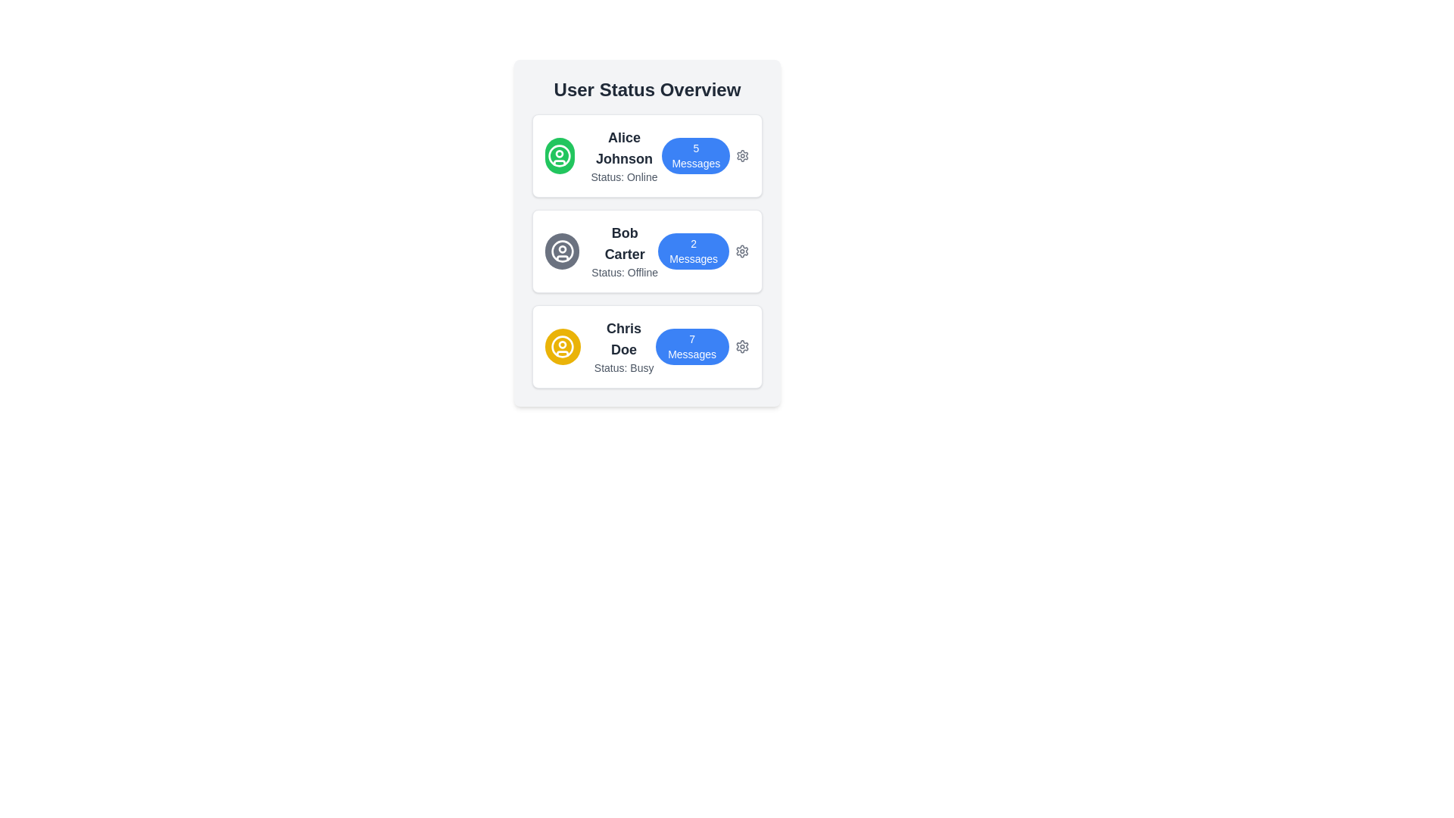  What do you see at coordinates (624, 368) in the screenshot?
I see `the status update text label indicating the current availability of 'Chris Doe' located in the third user card` at bounding box center [624, 368].